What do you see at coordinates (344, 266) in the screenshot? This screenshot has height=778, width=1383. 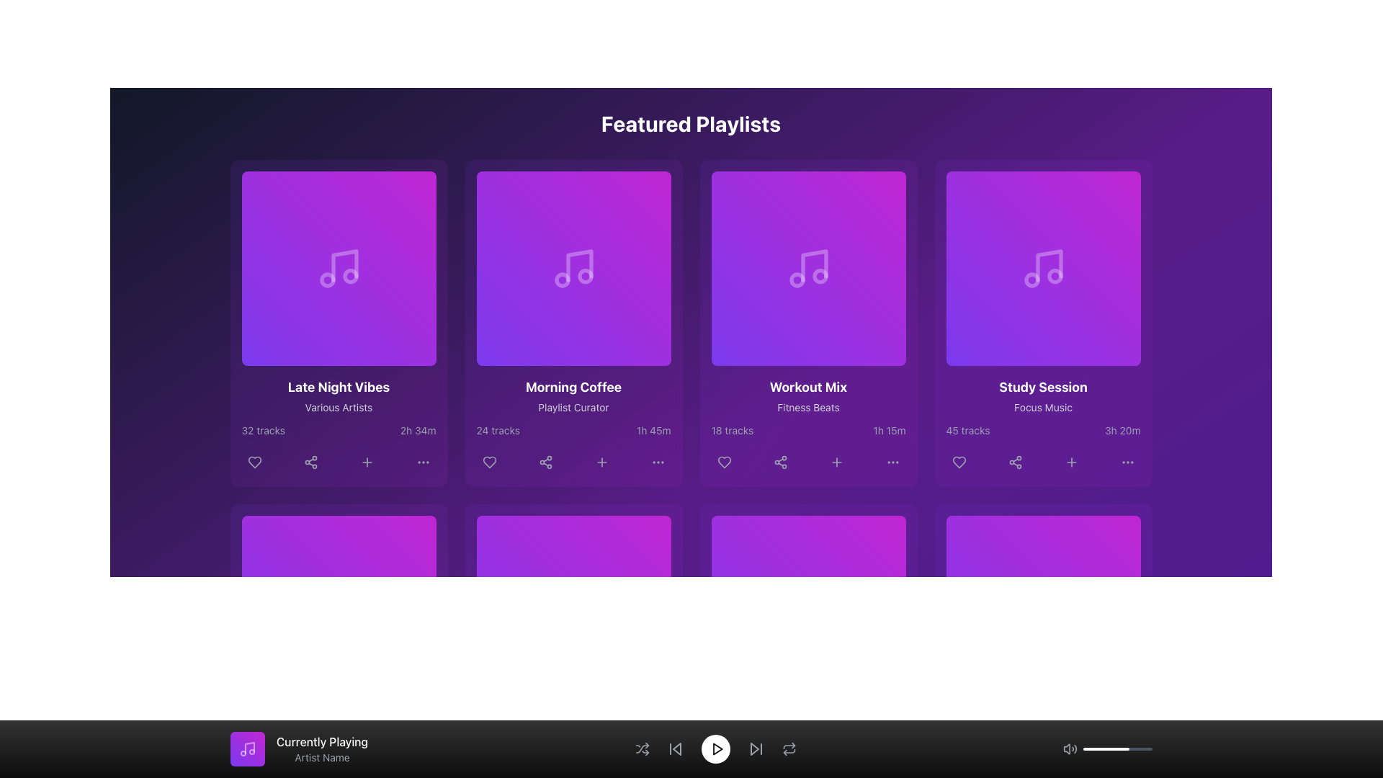 I see `the decorative musical note graphic component at the center of the 'Late Night Vibes' card, specifically the vertical bar of the note` at bounding box center [344, 266].